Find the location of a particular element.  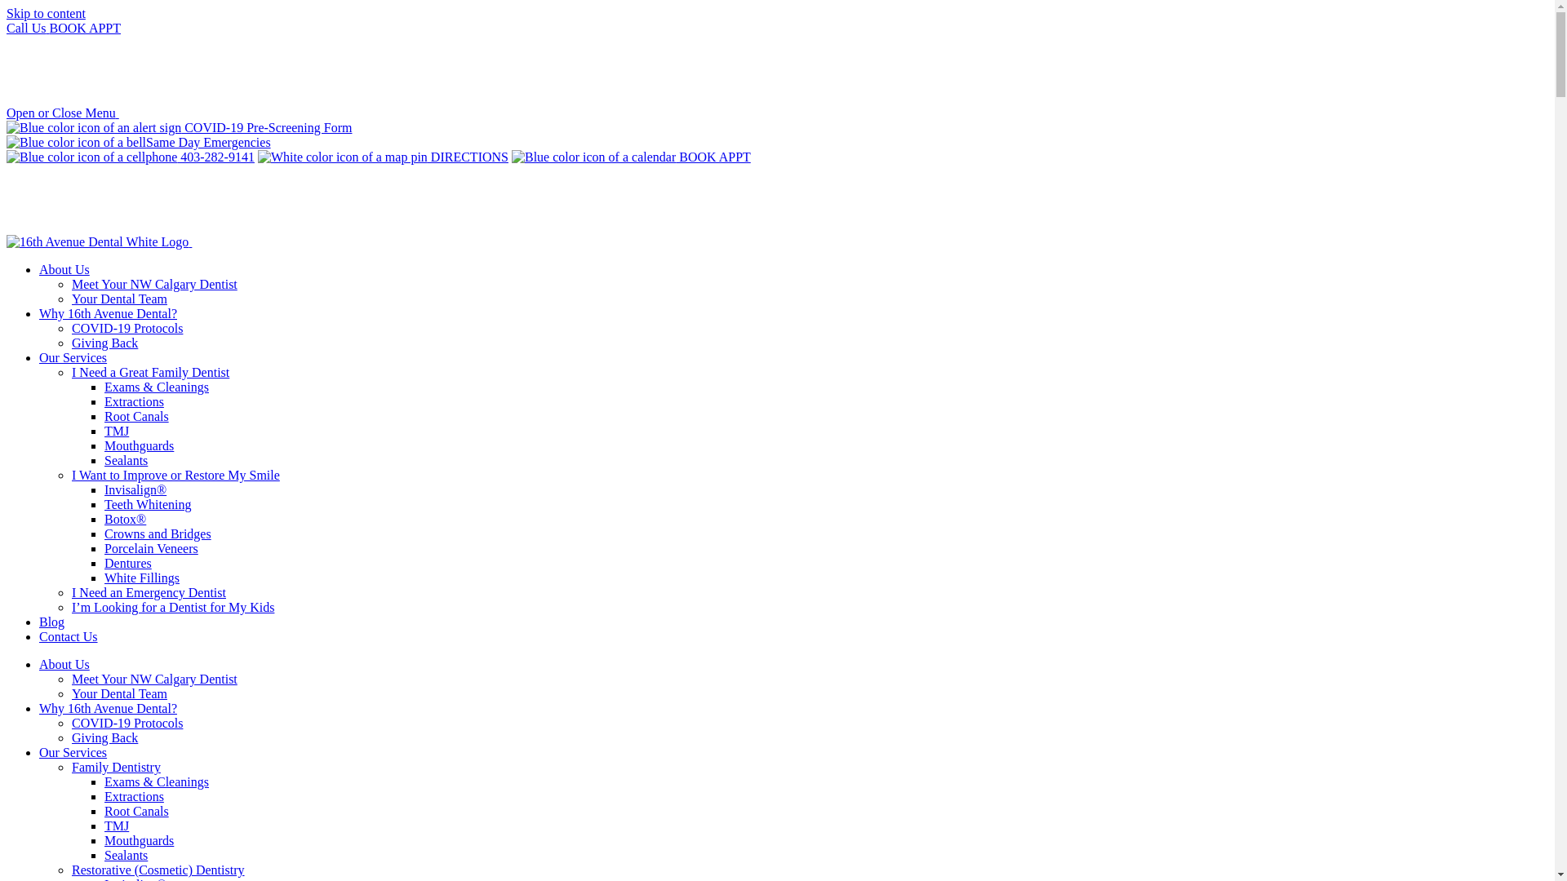

'Porcelain Veneers' is located at coordinates (151, 548).